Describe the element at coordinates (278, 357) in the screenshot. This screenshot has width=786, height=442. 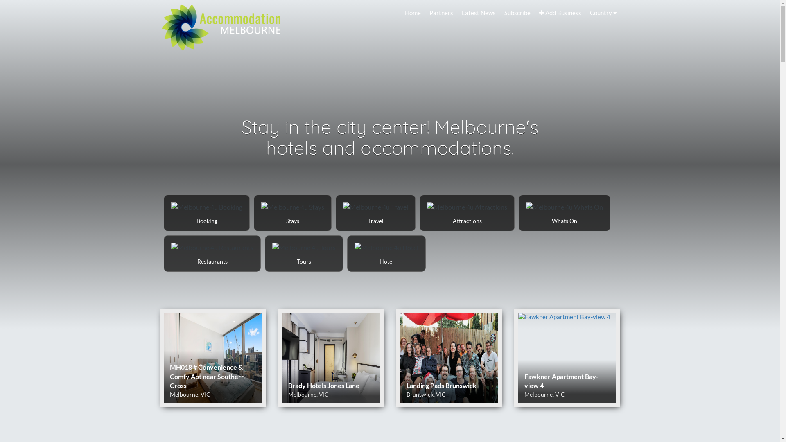
I see `'Brady Hotels Jones Lane` at that location.